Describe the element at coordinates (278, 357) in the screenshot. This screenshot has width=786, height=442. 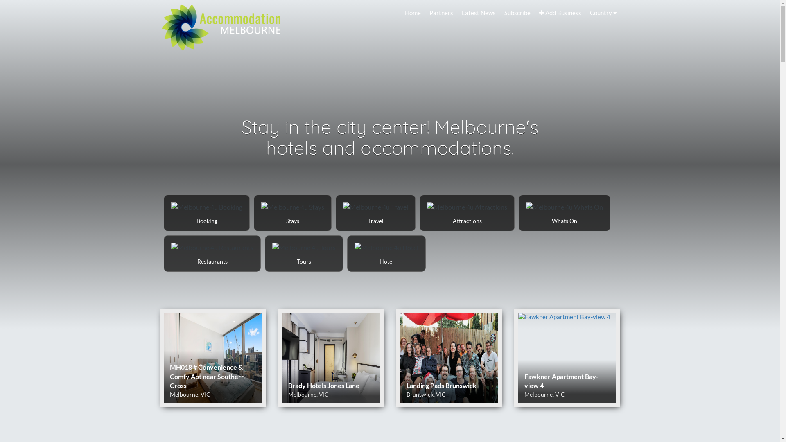
I see `'Brady Hotels Jones Lane` at that location.